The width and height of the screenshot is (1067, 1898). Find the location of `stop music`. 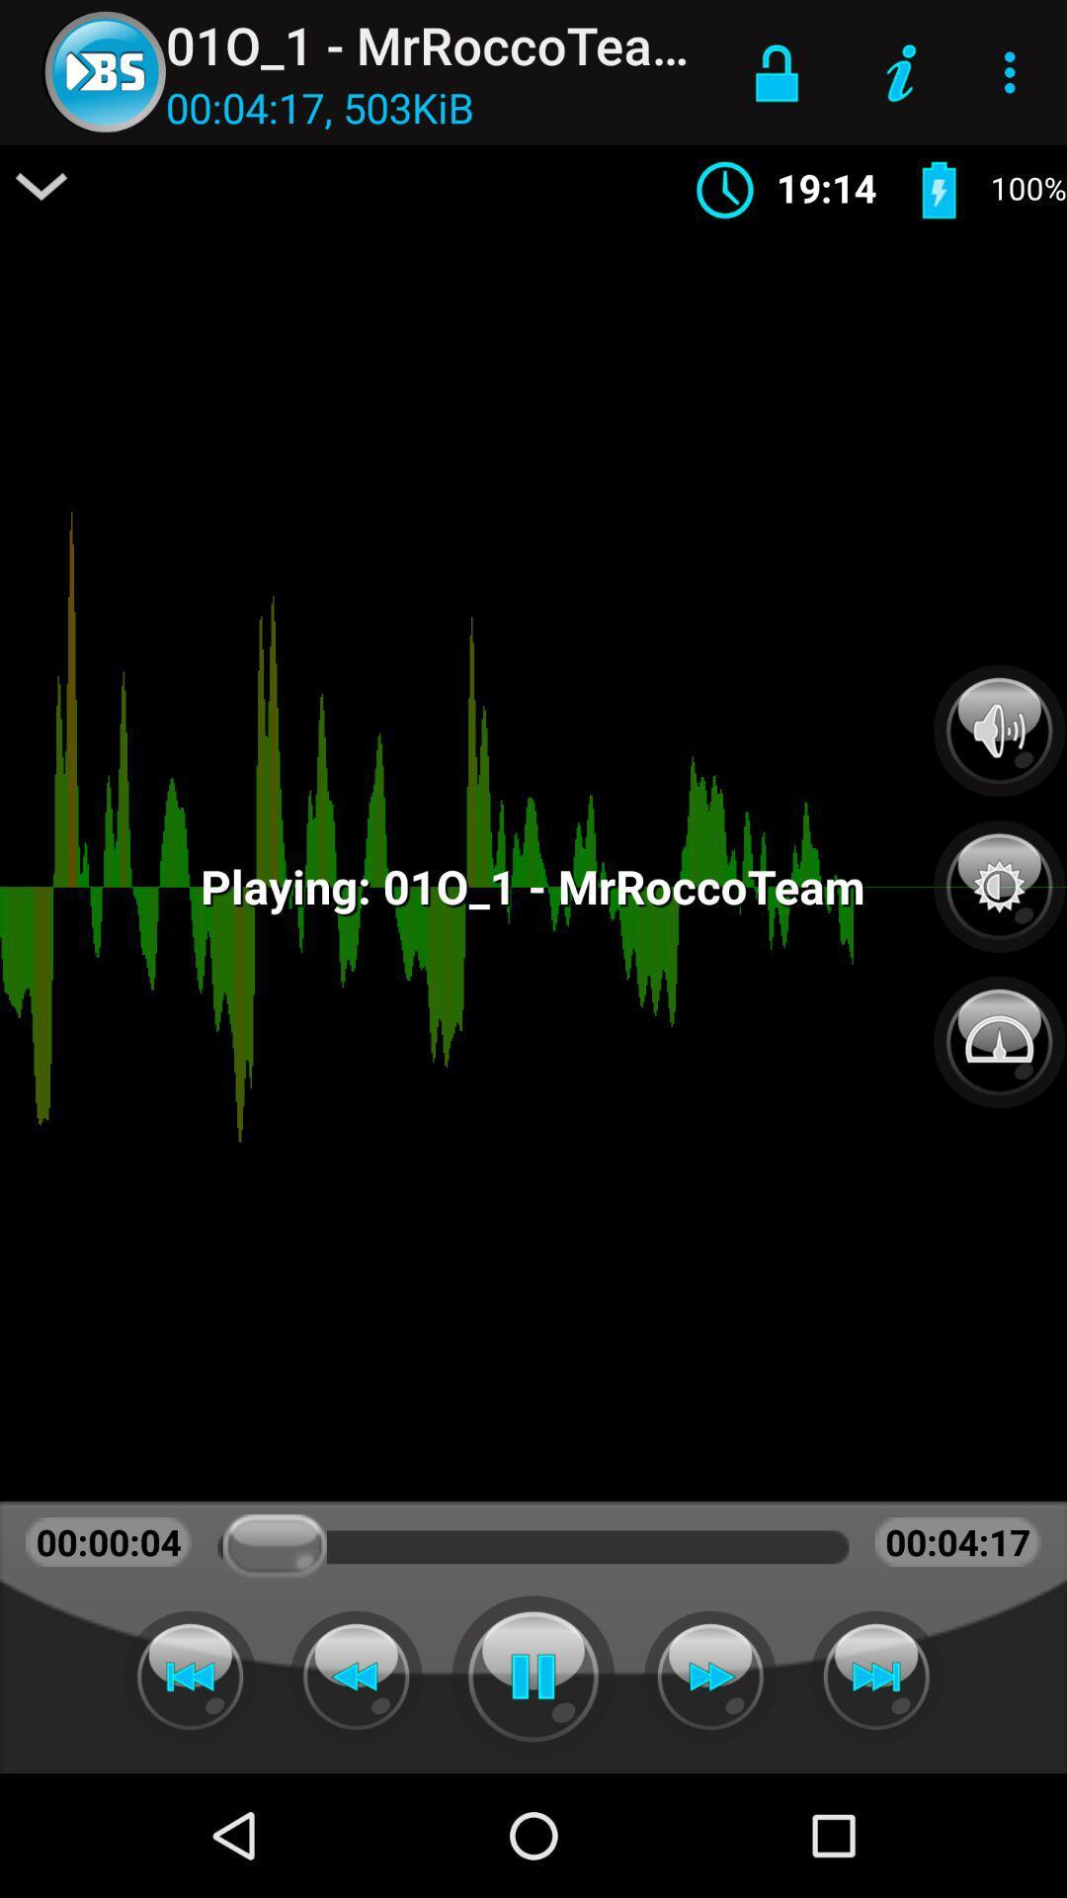

stop music is located at coordinates (533, 1676).